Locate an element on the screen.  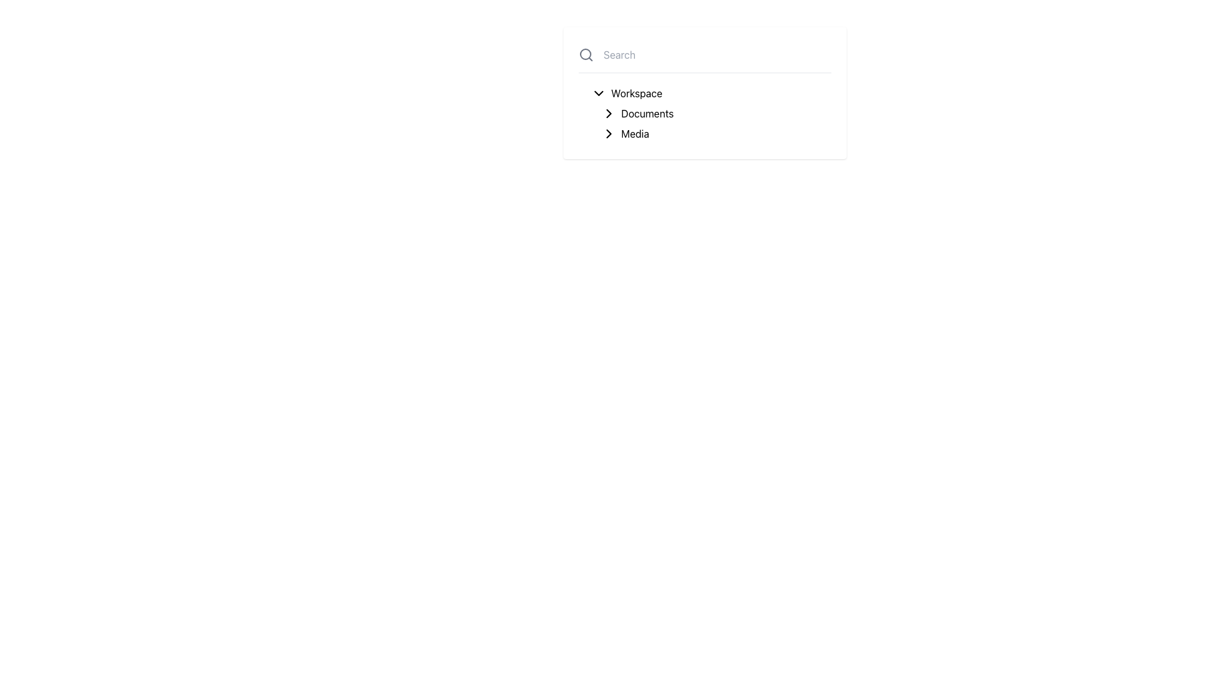
the navigation icon for the 'Media' section in the sidebar menu is located at coordinates (608, 134).